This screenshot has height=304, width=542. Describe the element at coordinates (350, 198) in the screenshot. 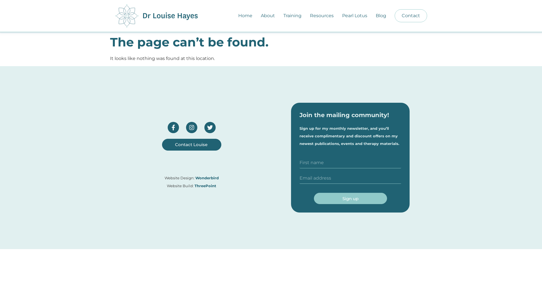

I see `'Sign up'` at that location.